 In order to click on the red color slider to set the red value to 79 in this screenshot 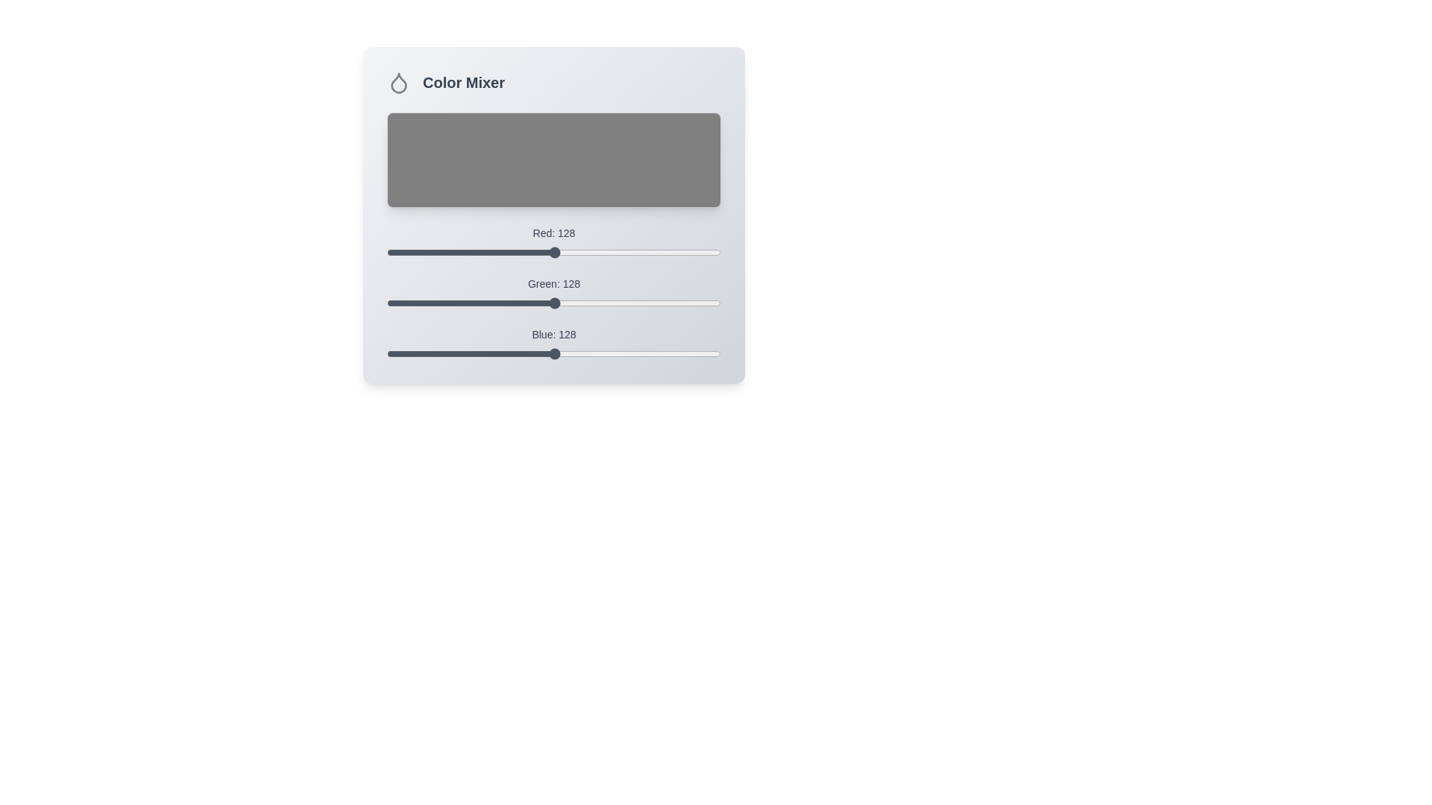, I will do `click(490, 252)`.